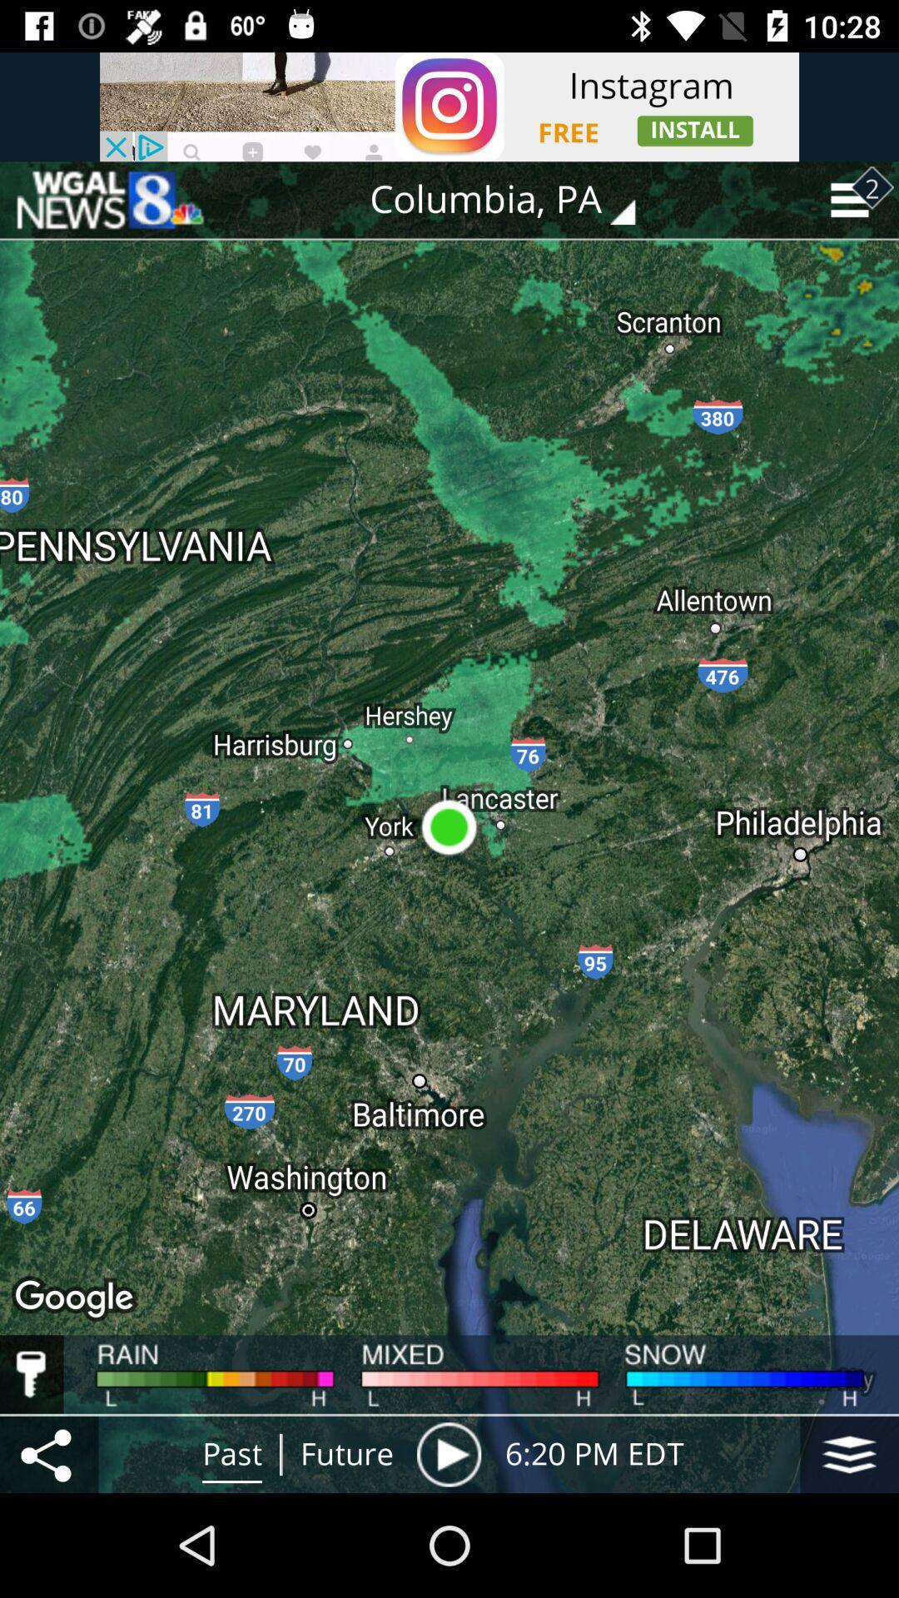 This screenshot has height=1598, width=899. What do you see at coordinates (849, 1453) in the screenshot?
I see `the layers icon` at bounding box center [849, 1453].